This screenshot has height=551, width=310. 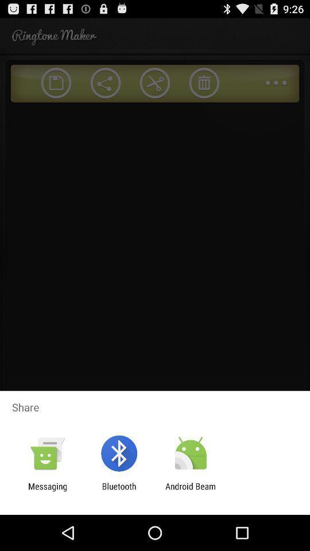 I want to click on the android beam item, so click(x=191, y=491).